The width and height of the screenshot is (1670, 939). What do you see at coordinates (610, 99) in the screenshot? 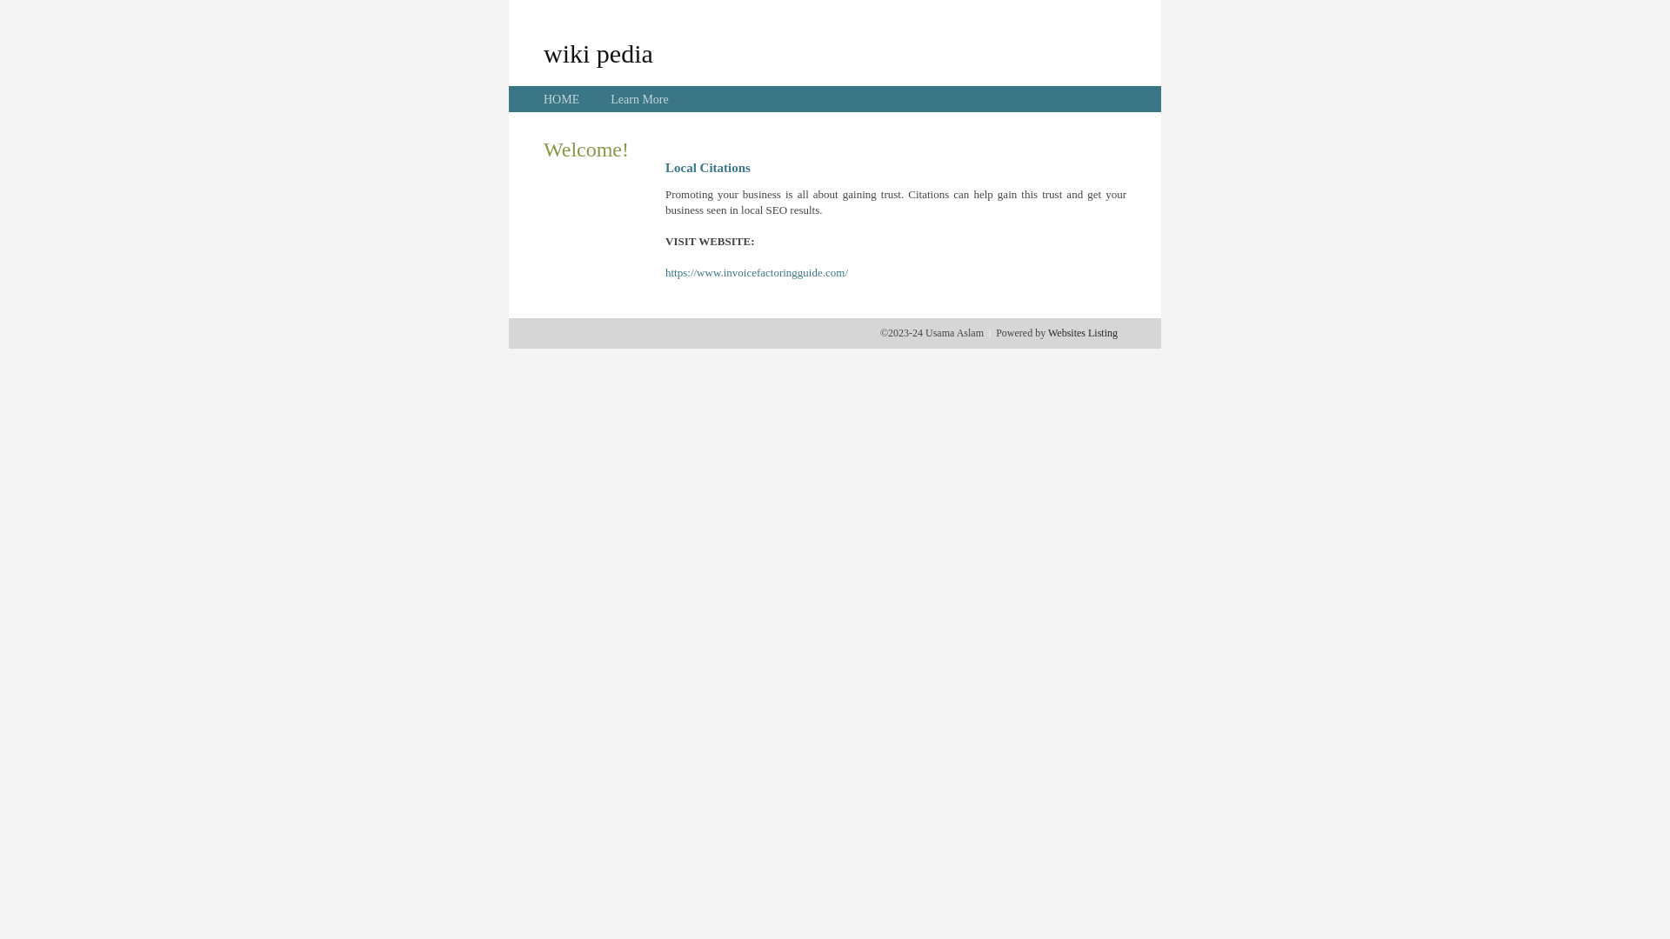
I see `'Learn More'` at bounding box center [610, 99].